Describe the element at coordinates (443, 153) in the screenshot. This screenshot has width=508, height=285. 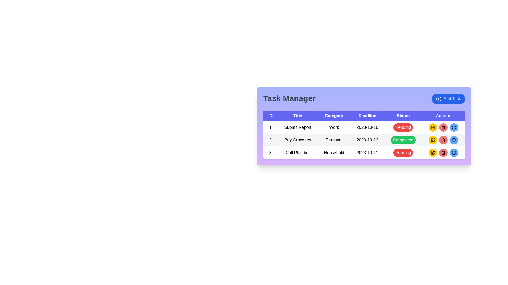
I see `the circular red button with a trash bin icon` at that location.